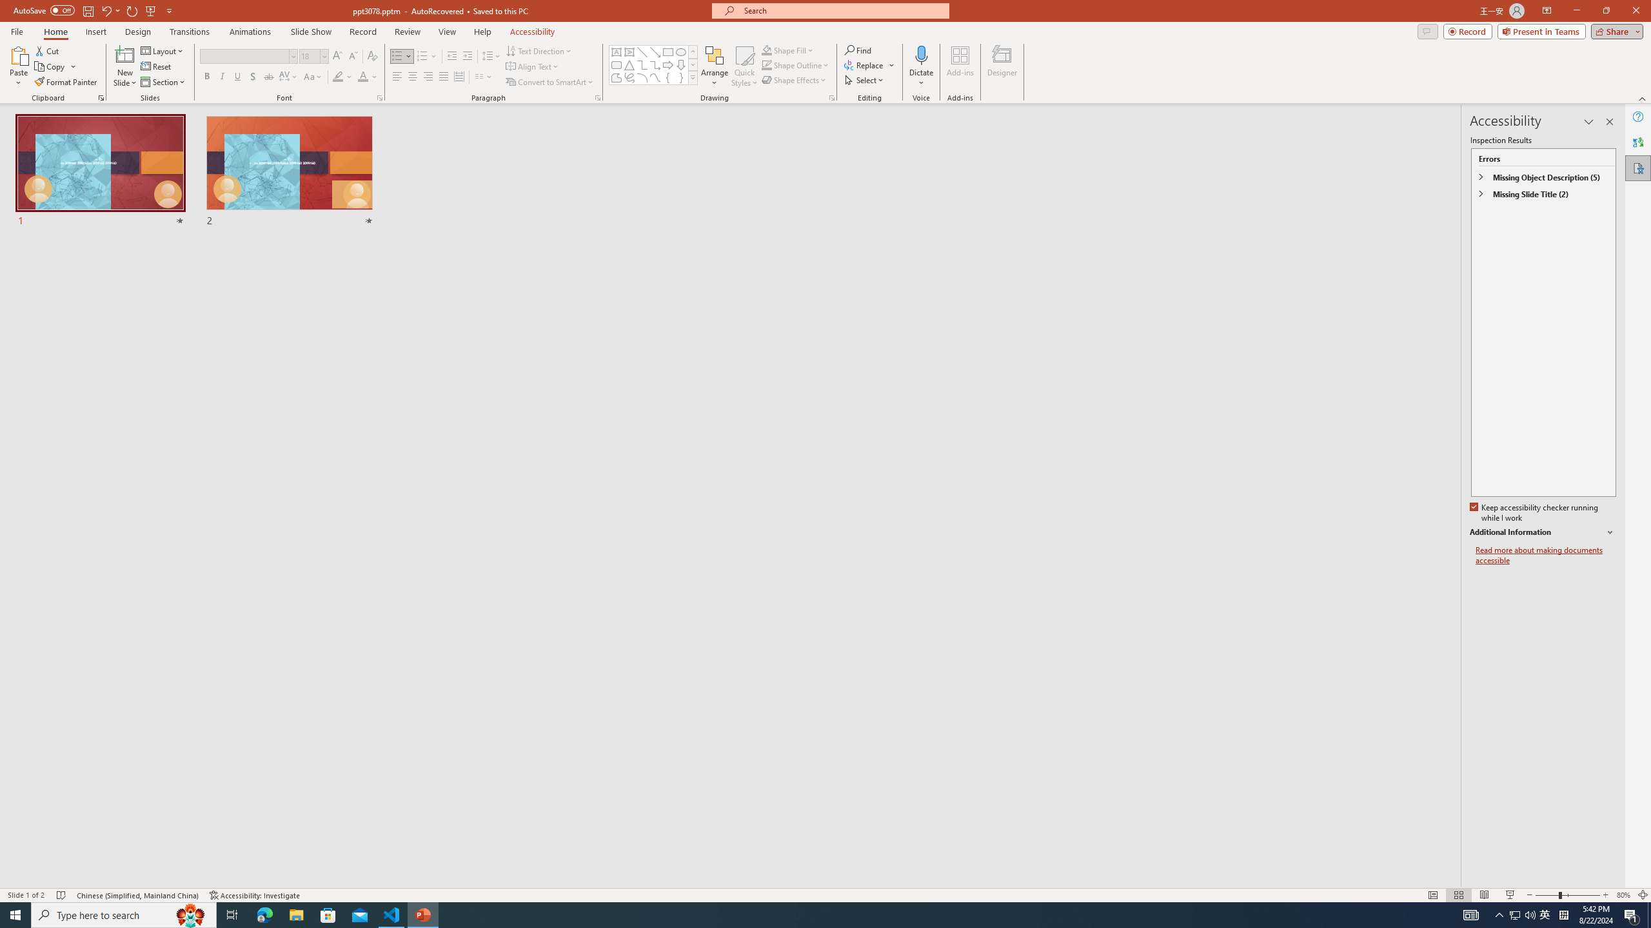 The width and height of the screenshot is (1651, 928). I want to click on 'Shape Outline Green, Accent 1', so click(767, 64).